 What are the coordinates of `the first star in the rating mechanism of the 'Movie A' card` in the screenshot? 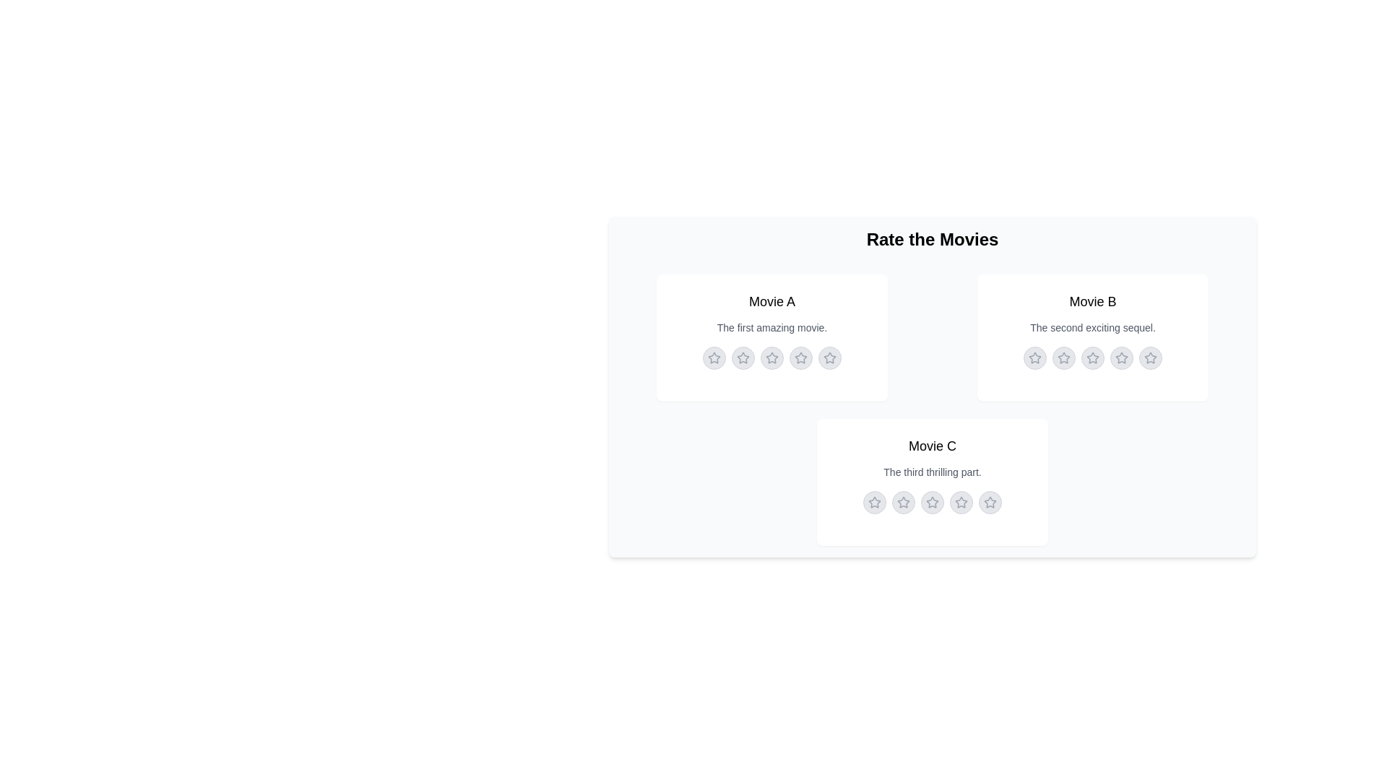 It's located at (772, 337).